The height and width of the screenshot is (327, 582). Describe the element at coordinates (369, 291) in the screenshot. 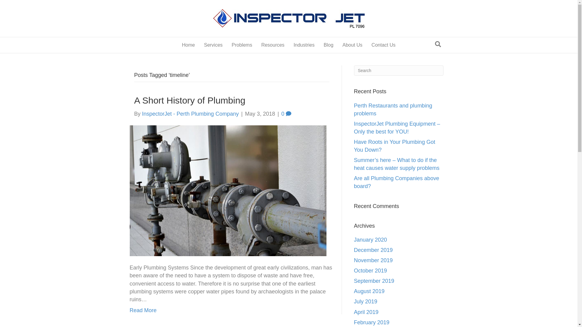

I see `'August 2019'` at that location.